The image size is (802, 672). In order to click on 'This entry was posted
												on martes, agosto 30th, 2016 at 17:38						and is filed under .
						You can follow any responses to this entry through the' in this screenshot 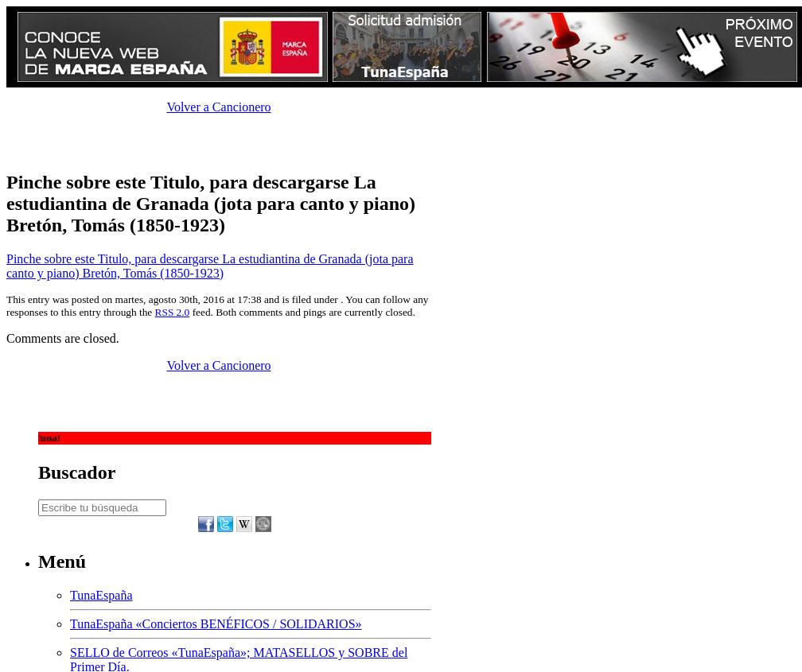, I will do `click(216, 304)`.